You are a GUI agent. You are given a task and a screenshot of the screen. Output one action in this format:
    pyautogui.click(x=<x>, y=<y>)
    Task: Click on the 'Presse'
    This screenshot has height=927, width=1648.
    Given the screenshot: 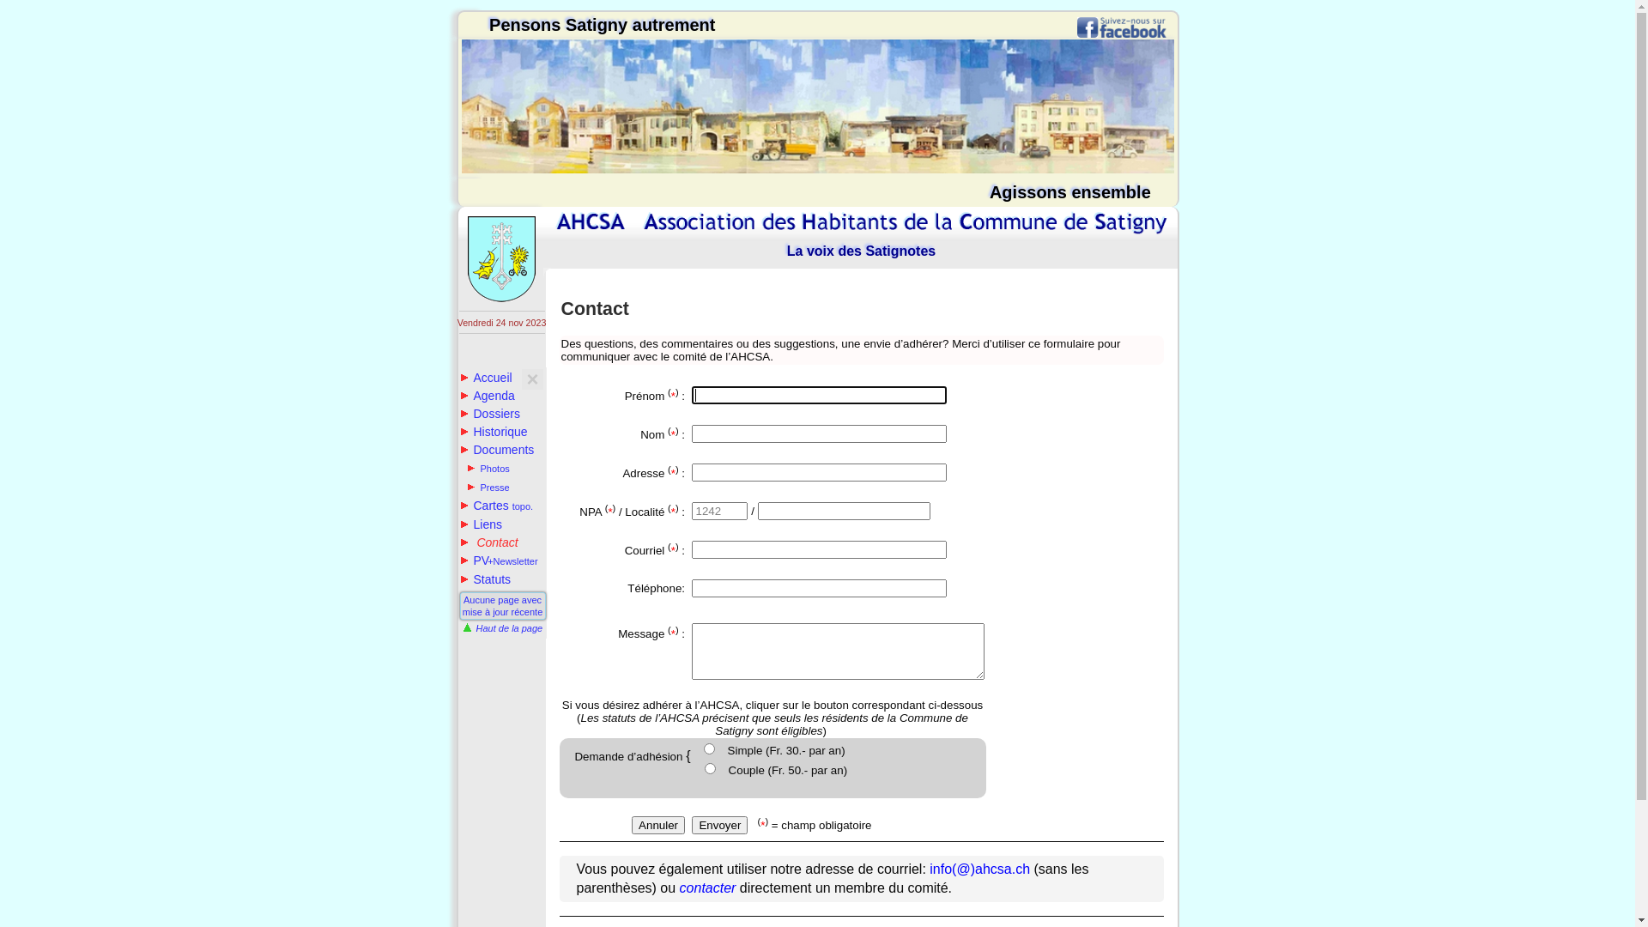 What is the action you would take?
    pyautogui.click(x=488, y=487)
    